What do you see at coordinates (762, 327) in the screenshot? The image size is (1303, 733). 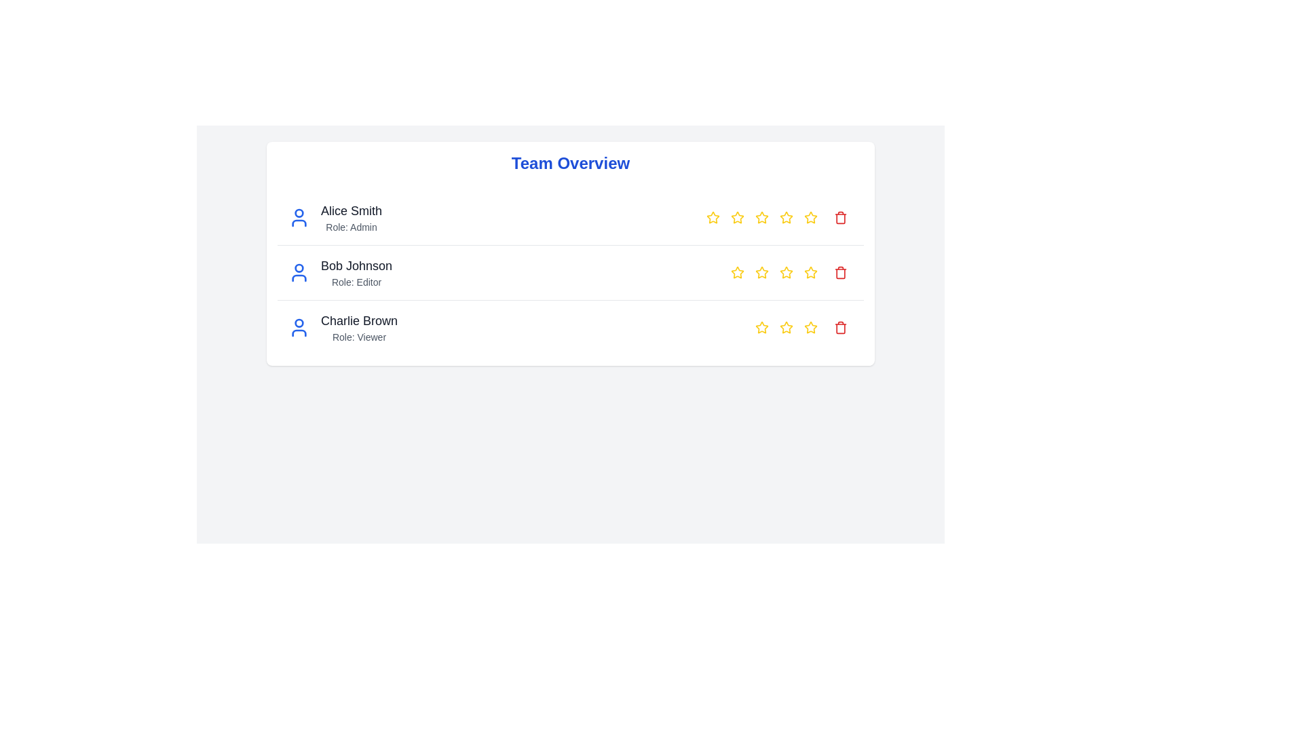 I see `the first star in the row of stars for the third user entry` at bounding box center [762, 327].